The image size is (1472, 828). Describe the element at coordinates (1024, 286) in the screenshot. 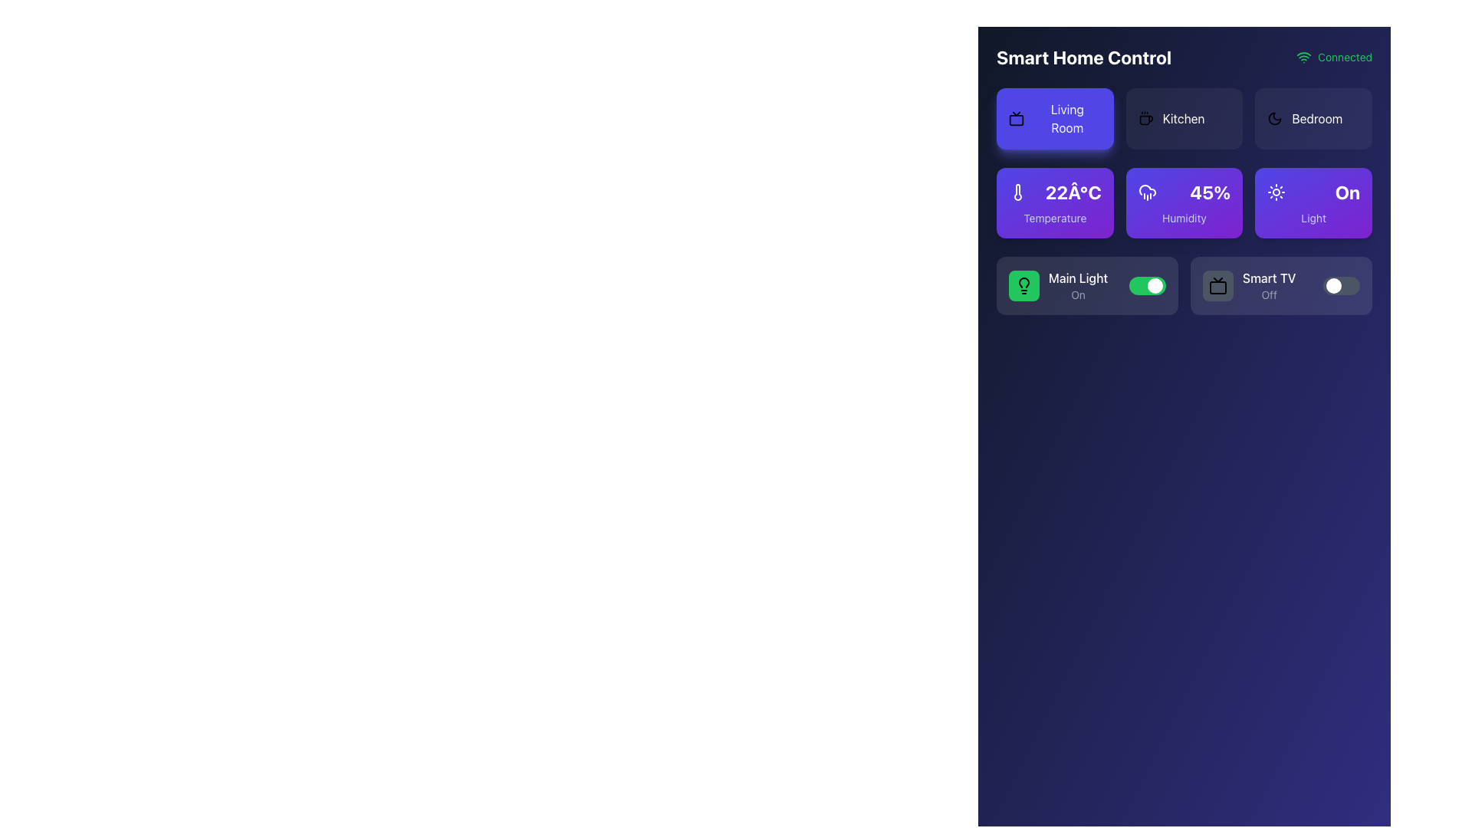

I see `the Icon block representing the 'Main Light' feature in the smart home control interface` at that location.